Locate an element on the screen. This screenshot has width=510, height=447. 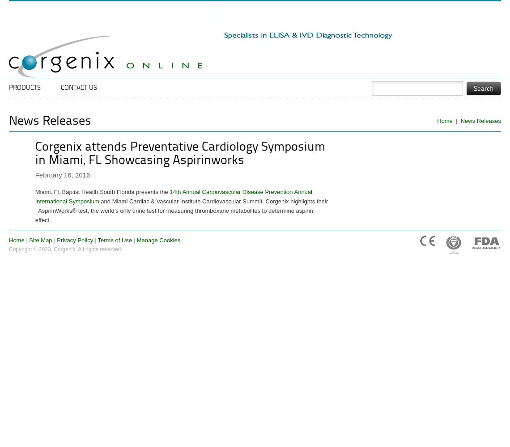
'Corgenix attends Preventative Cardiology Symposium in Miami, FL Showcasing Aspirinworks' is located at coordinates (179, 153).